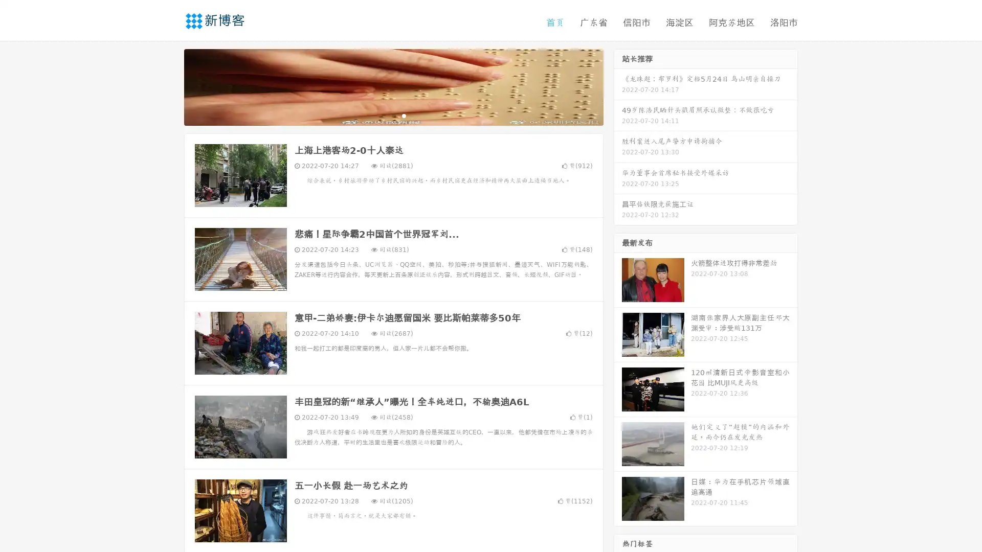 The height and width of the screenshot is (552, 982). What do you see at coordinates (383, 115) in the screenshot?
I see `Go to slide 1` at bounding box center [383, 115].